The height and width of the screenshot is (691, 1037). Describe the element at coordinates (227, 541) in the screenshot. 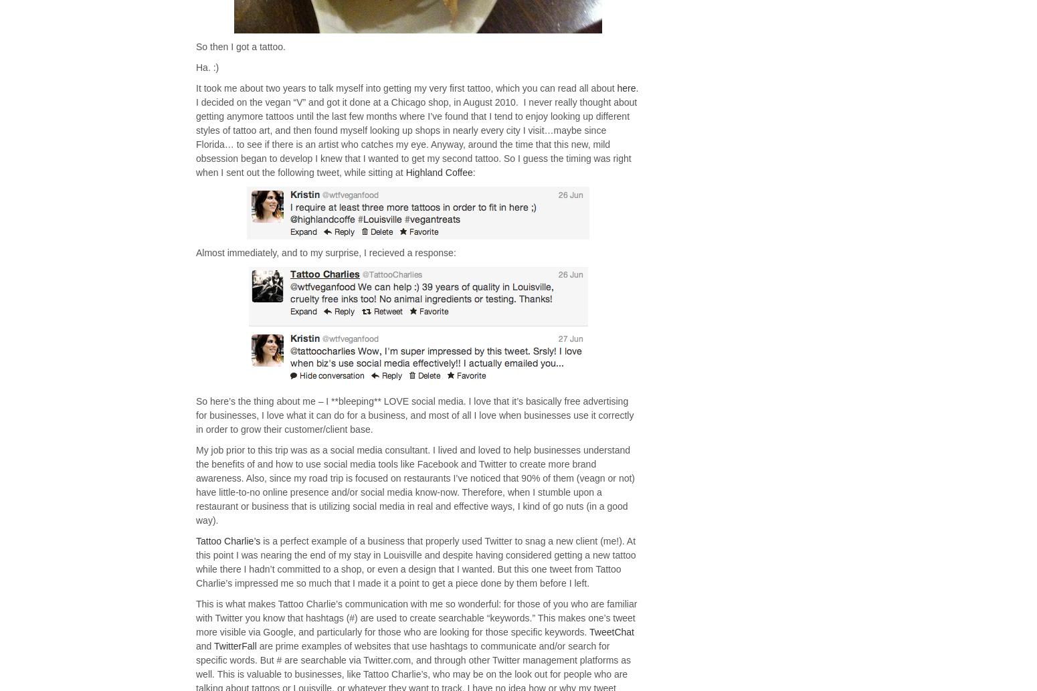

I see `'Tattoo Charlie’s'` at that location.